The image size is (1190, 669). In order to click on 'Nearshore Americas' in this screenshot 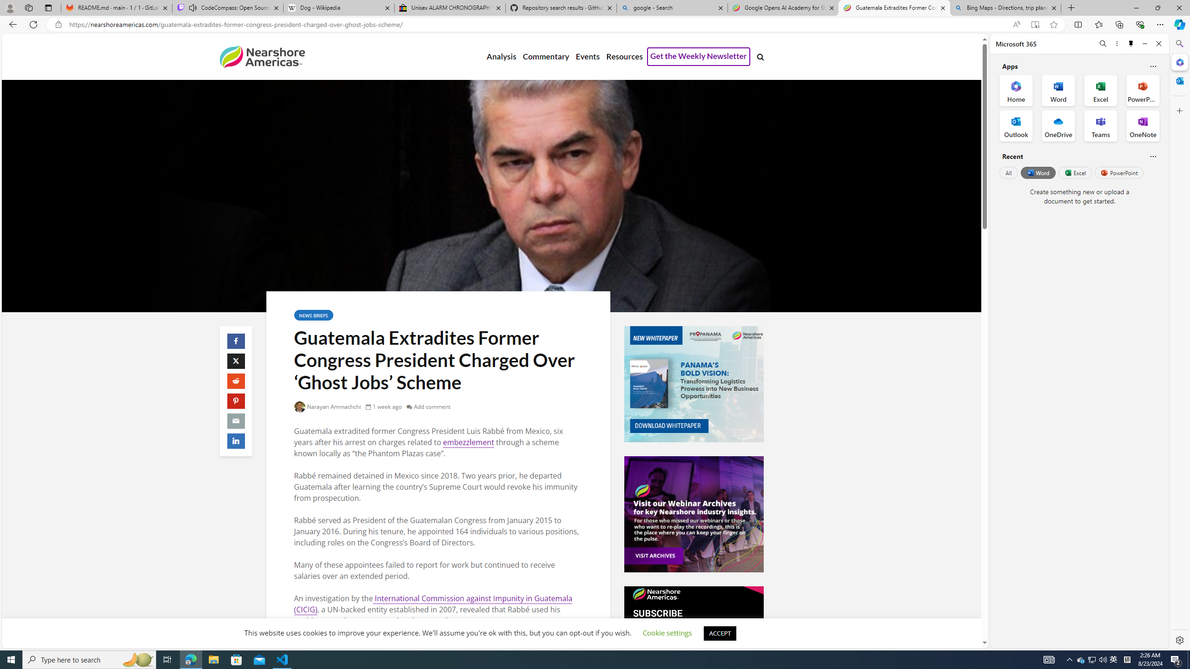, I will do `click(261, 56)`.